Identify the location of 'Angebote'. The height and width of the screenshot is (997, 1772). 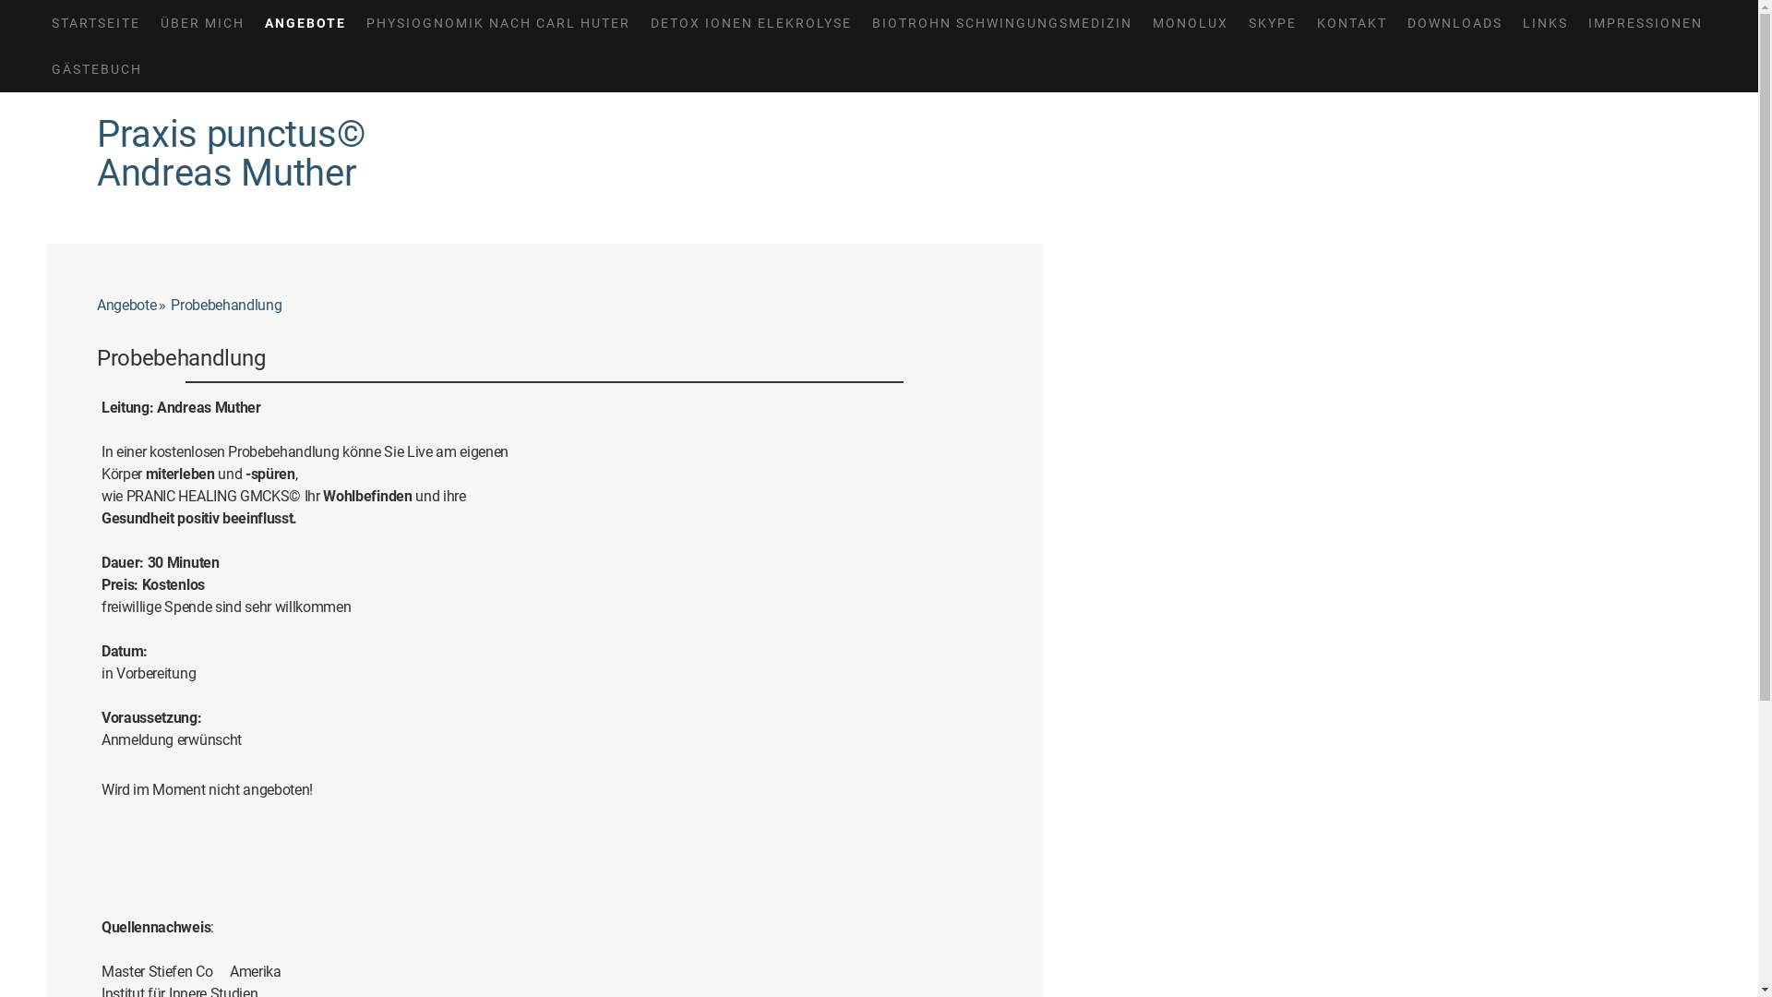
(96, 305).